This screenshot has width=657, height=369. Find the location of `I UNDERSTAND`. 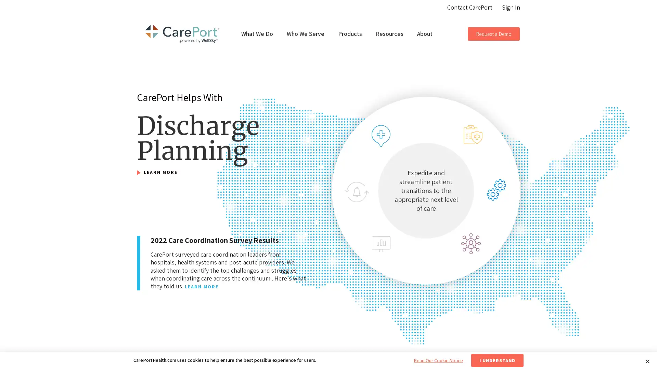

I UNDERSTAND is located at coordinates (497, 360).